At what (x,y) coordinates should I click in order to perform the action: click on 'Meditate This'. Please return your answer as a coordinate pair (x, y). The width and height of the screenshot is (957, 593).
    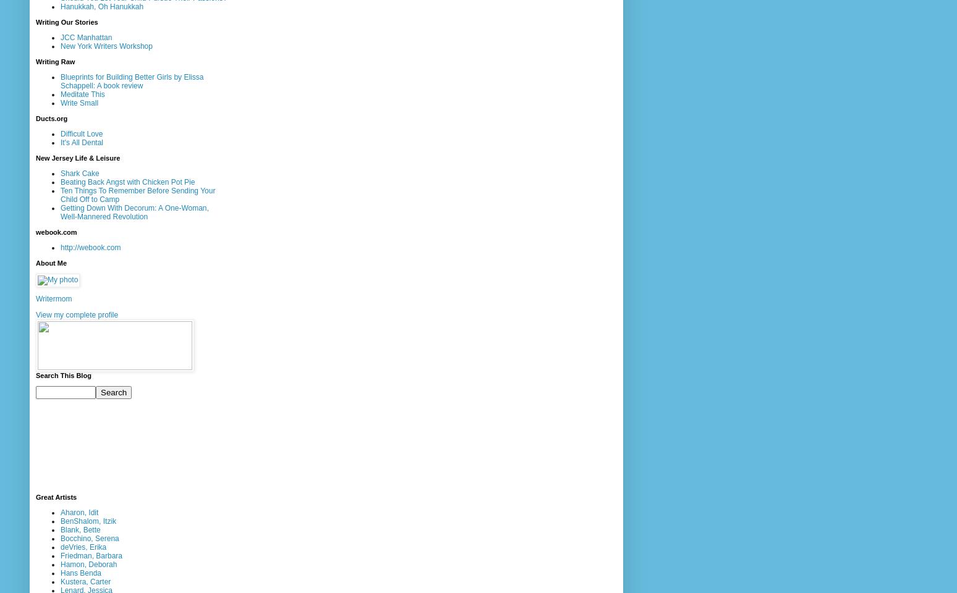
    Looking at the image, I should click on (82, 93).